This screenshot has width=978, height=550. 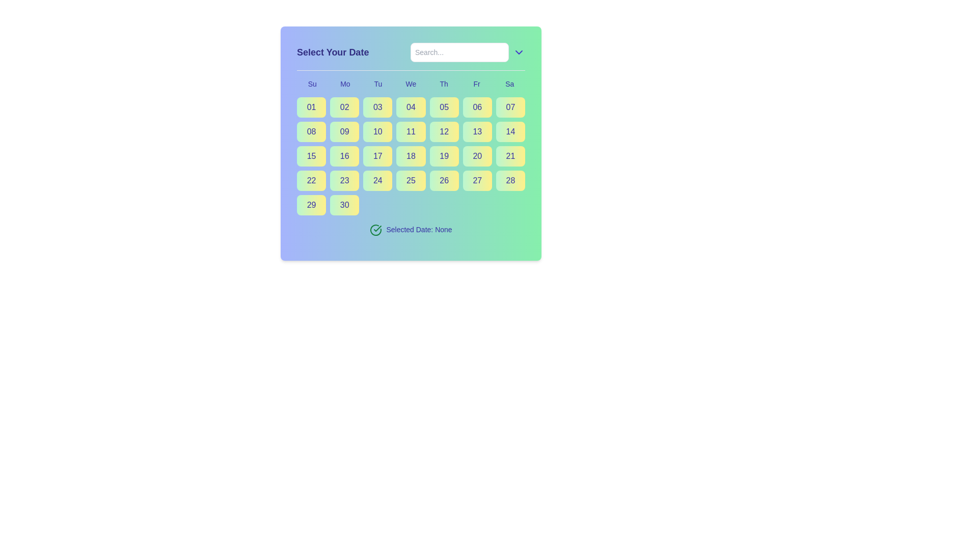 I want to click on the non-interactive text label indicating 'Tuesday' in the weekly calendar view, which is the third item in the lineup of abbreviated weekday names, so click(x=377, y=84).